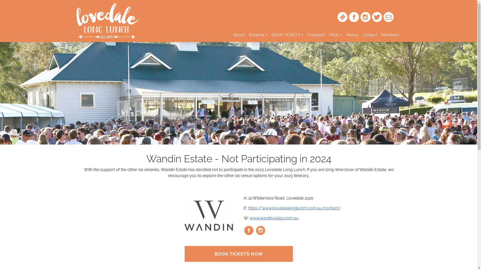  Describe the element at coordinates (316, 34) in the screenshot. I see `'Transport'` at that location.